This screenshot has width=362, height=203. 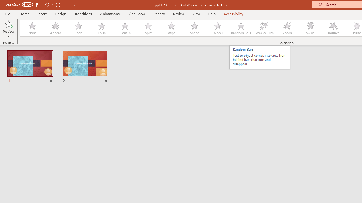 I want to click on 'Random Bars', so click(x=241, y=28).